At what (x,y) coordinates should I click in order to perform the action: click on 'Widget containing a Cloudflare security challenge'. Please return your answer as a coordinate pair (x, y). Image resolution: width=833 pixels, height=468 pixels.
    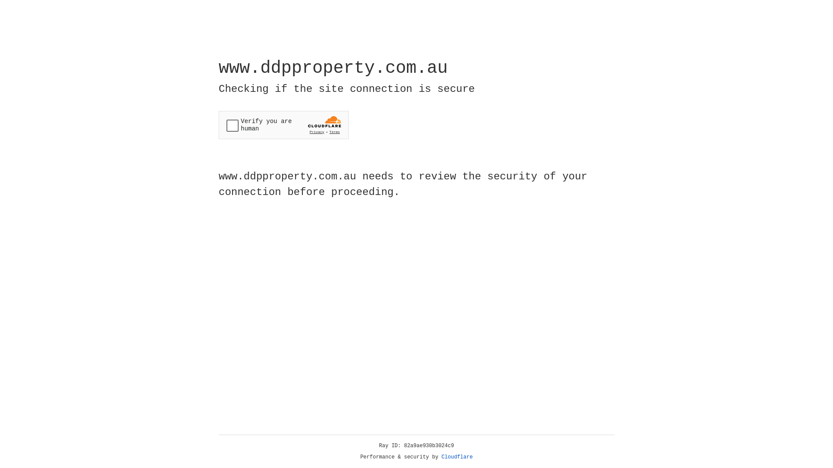
    Looking at the image, I should click on (283, 125).